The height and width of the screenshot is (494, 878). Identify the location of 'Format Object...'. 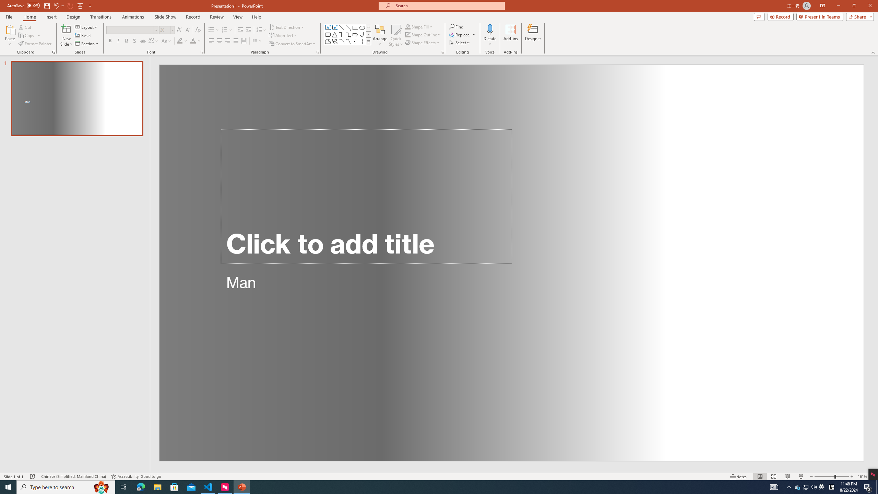
(442, 51).